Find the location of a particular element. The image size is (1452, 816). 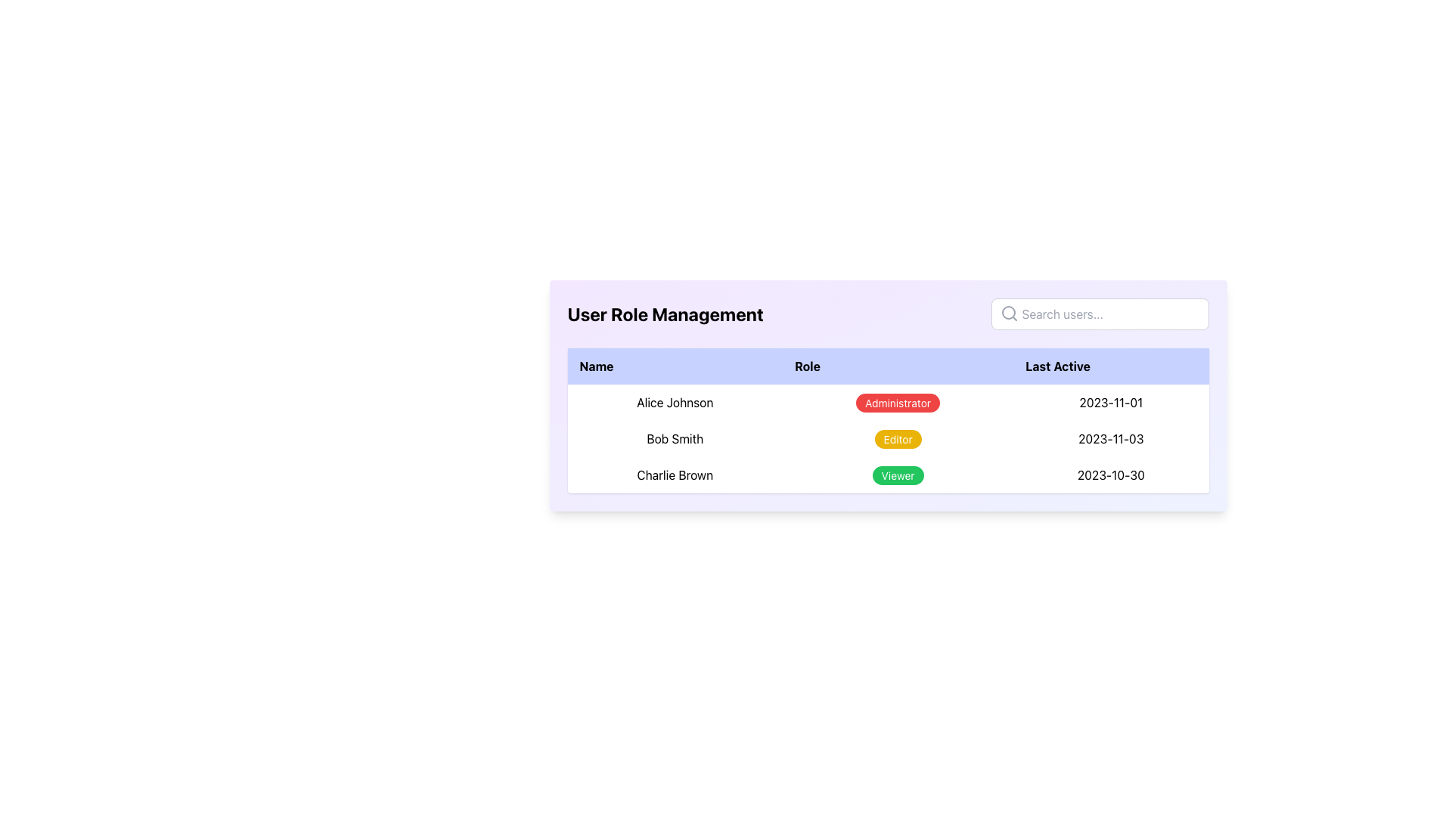

the bold heading 'User Role Management' located at the top-left corner of the user interface card, above the search bar and user roles table is located at coordinates (665, 314).